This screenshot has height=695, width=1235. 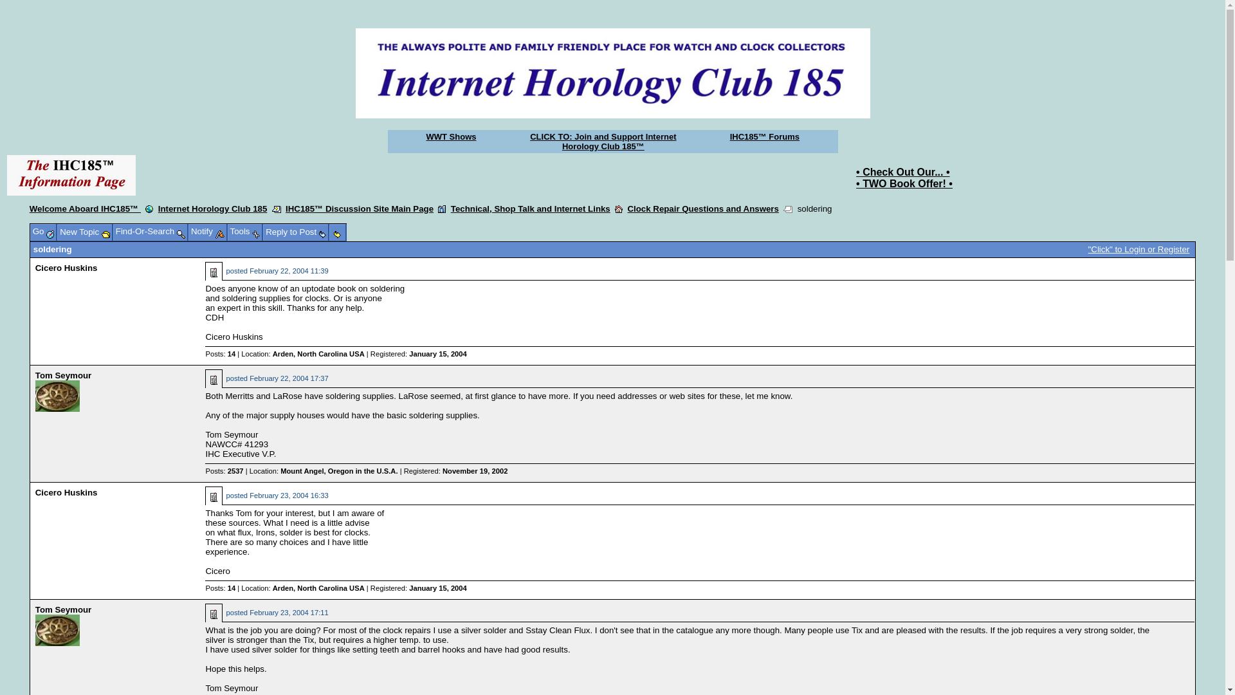 What do you see at coordinates (450, 136) in the screenshot?
I see `'WWT Shows'` at bounding box center [450, 136].